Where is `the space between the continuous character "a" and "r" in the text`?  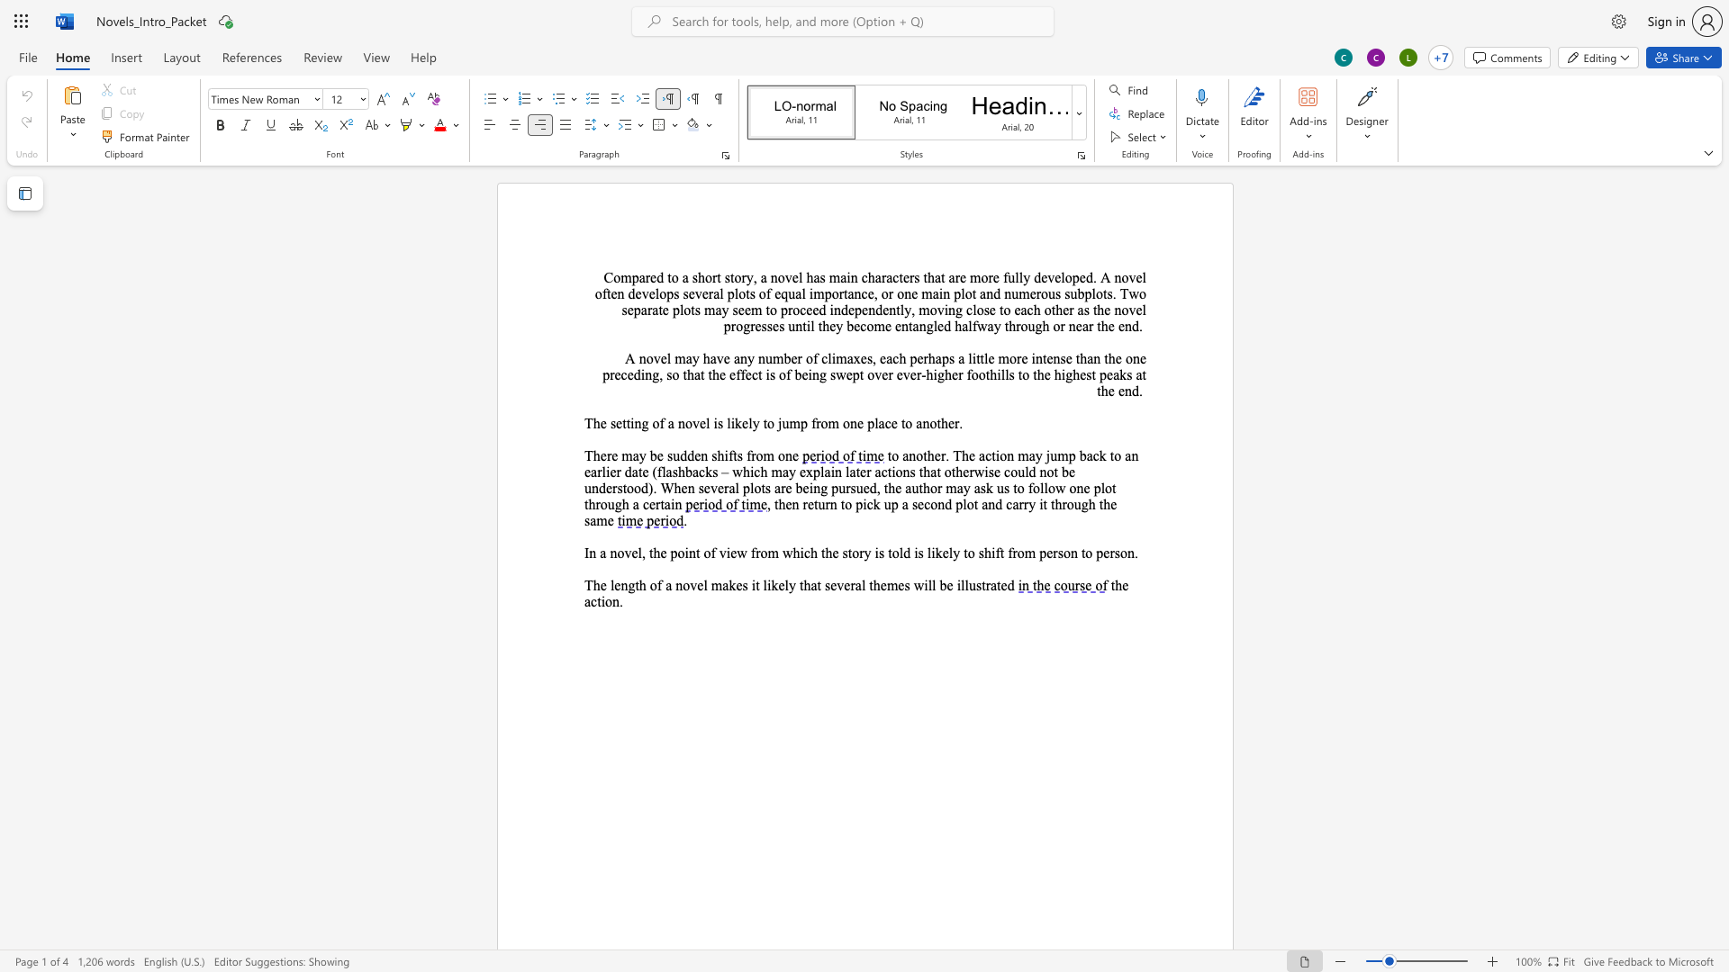
the space between the continuous character "a" and "r" in the text is located at coordinates (647, 309).